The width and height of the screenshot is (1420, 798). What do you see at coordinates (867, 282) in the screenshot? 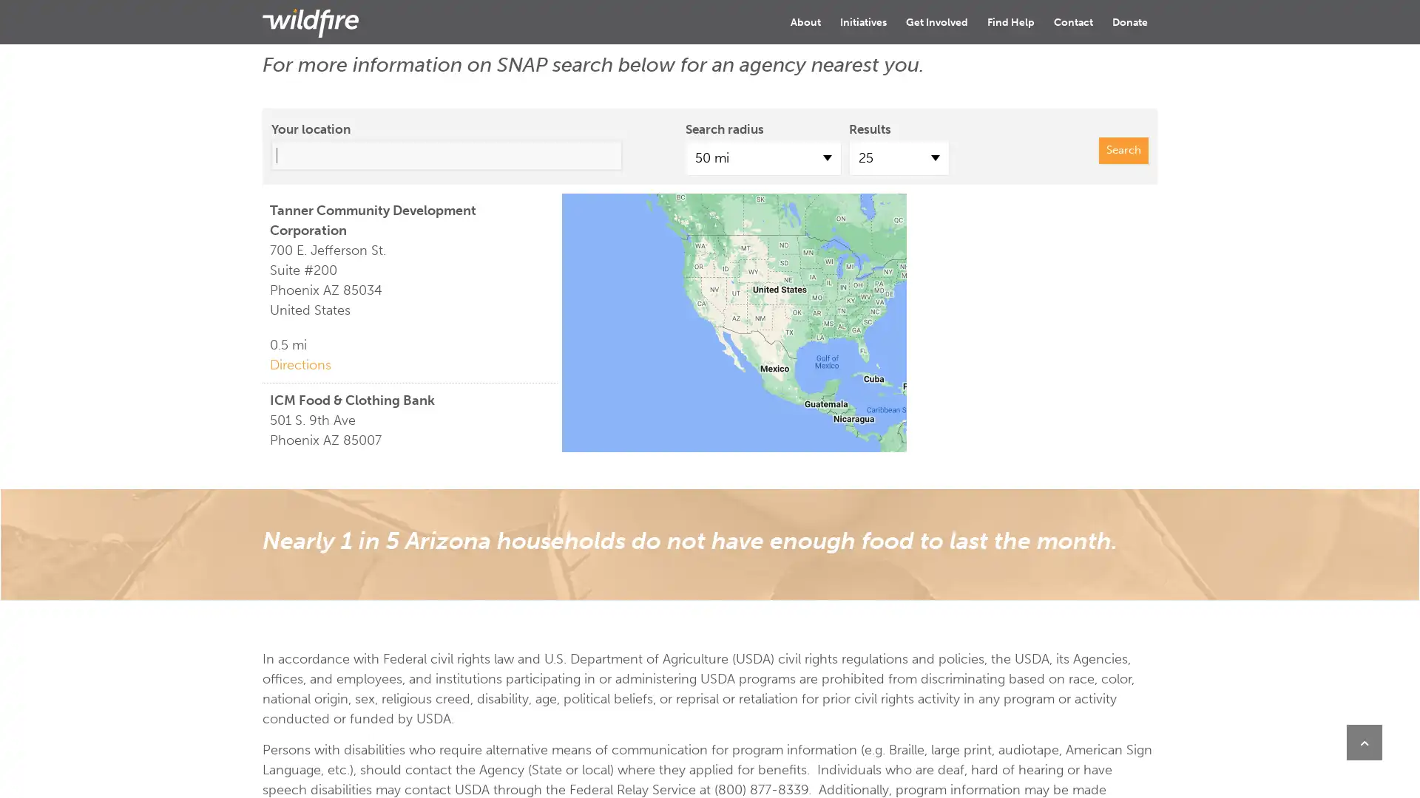
I see `NCADD (National Council On Alcoholism And Drug Dependence)` at bounding box center [867, 282].